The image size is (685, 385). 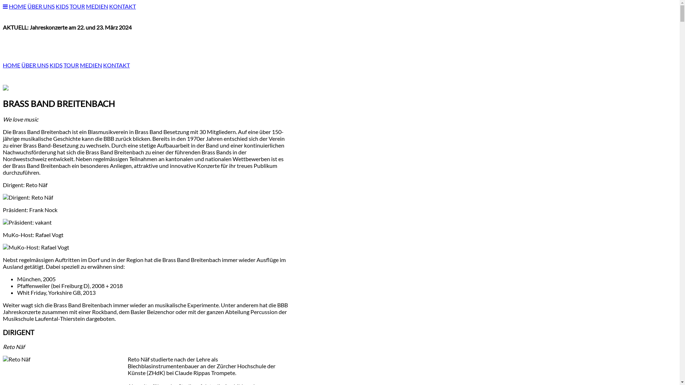 I want to click on 'KIDS', so click(x=56, y=65).